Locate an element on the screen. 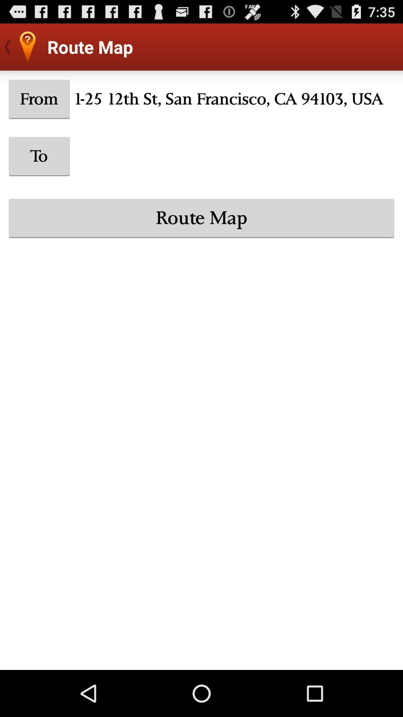 The height and width of the screenshot is (717, 403). the item below from button is located at coordinates (39, 156).